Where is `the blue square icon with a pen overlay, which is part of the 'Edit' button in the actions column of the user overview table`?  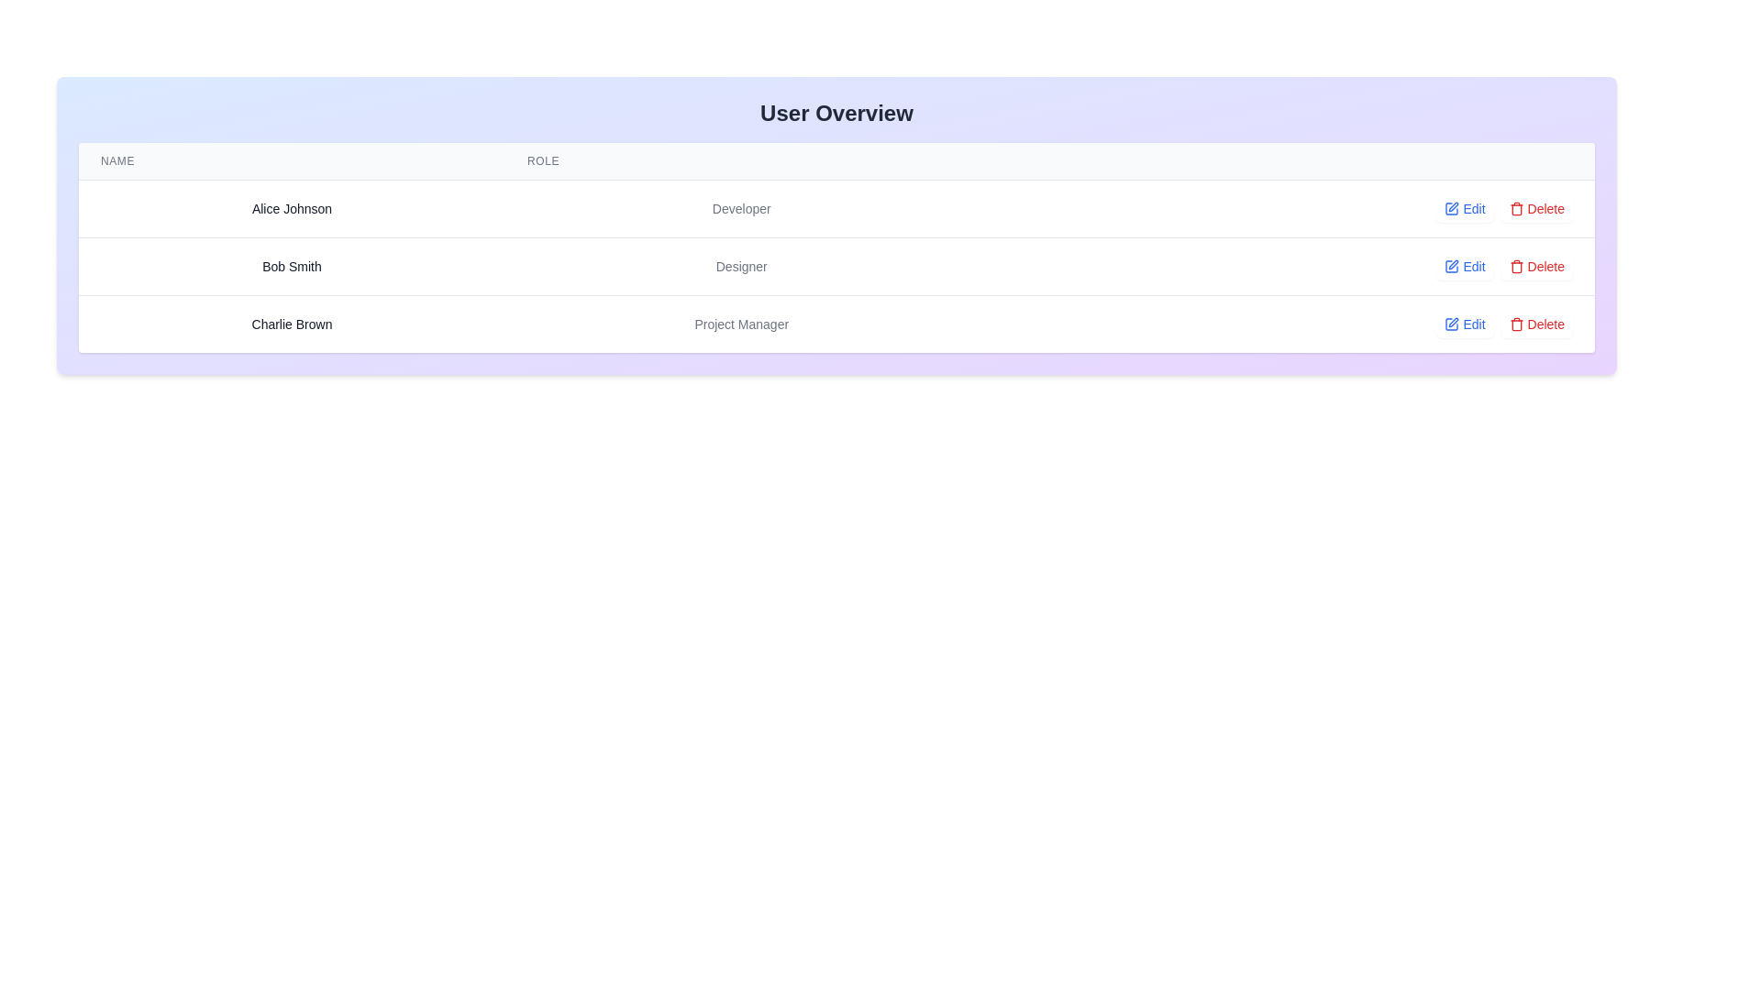
the blue square icon with a pen overlay, which is part of the 'Edit' button in the actions column of the user overview table is located at coordinates (1451, 207).